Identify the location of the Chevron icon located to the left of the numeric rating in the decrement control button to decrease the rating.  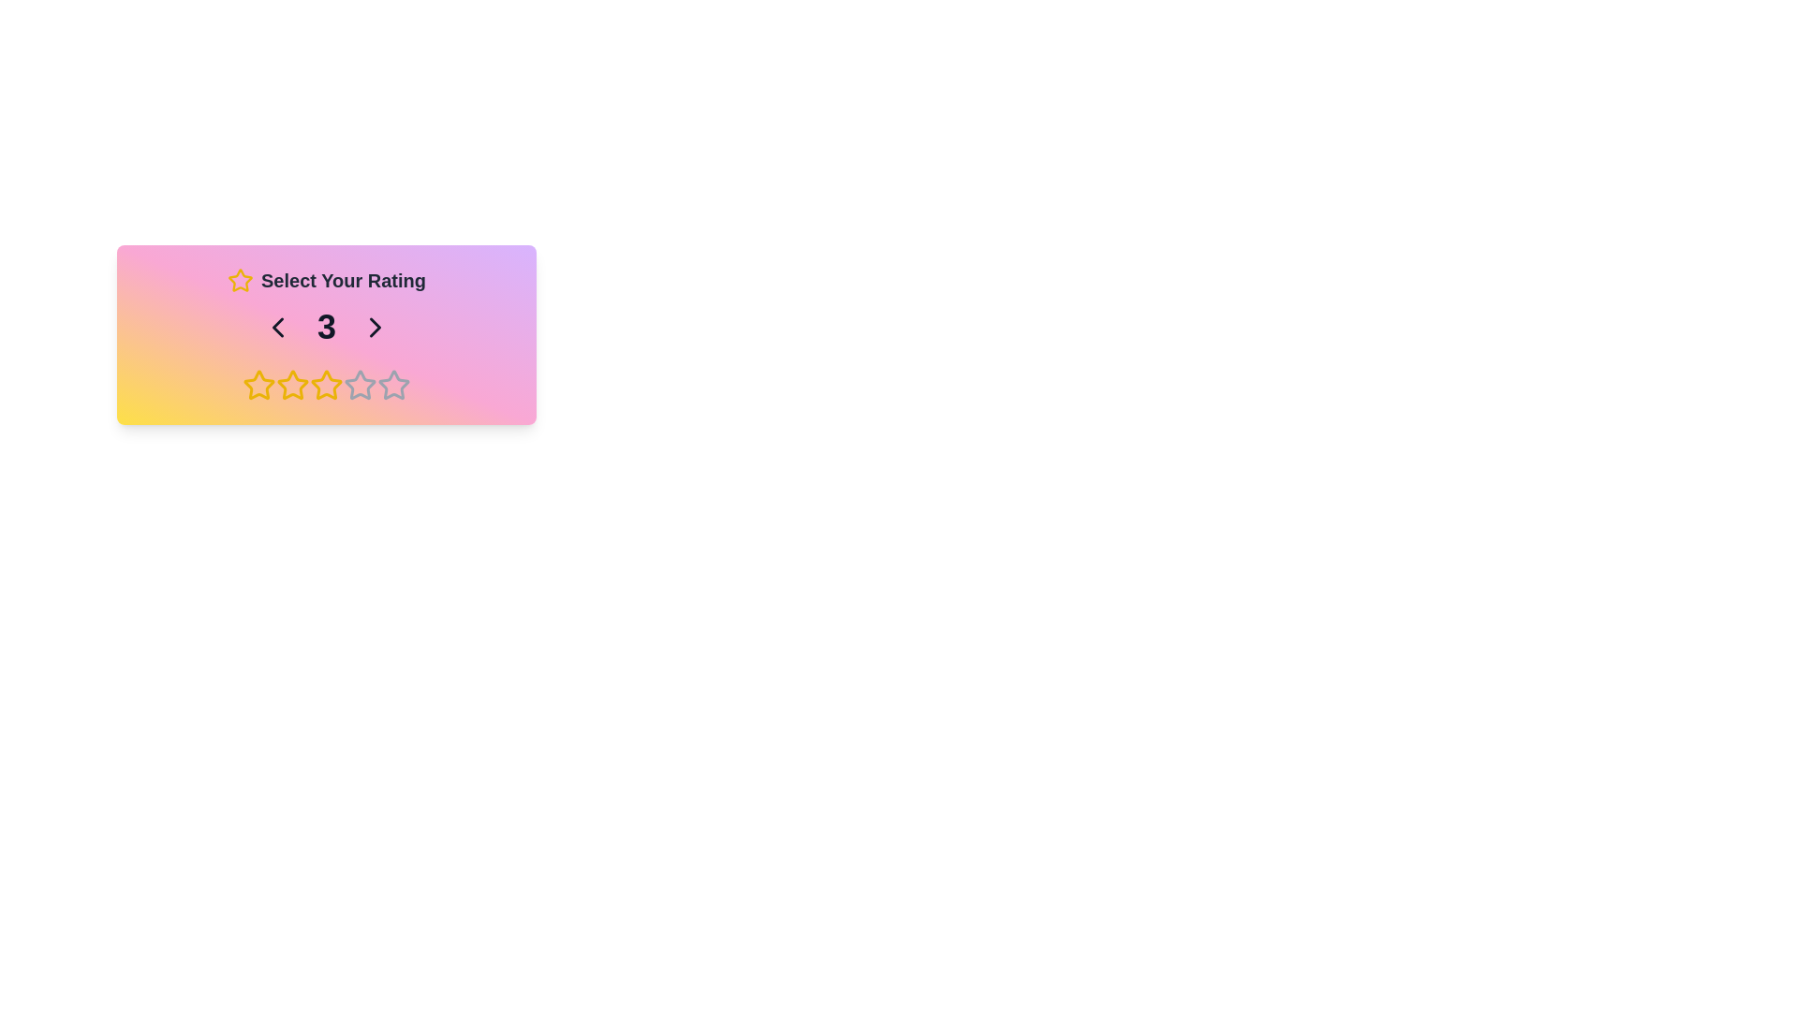
(277, 327).